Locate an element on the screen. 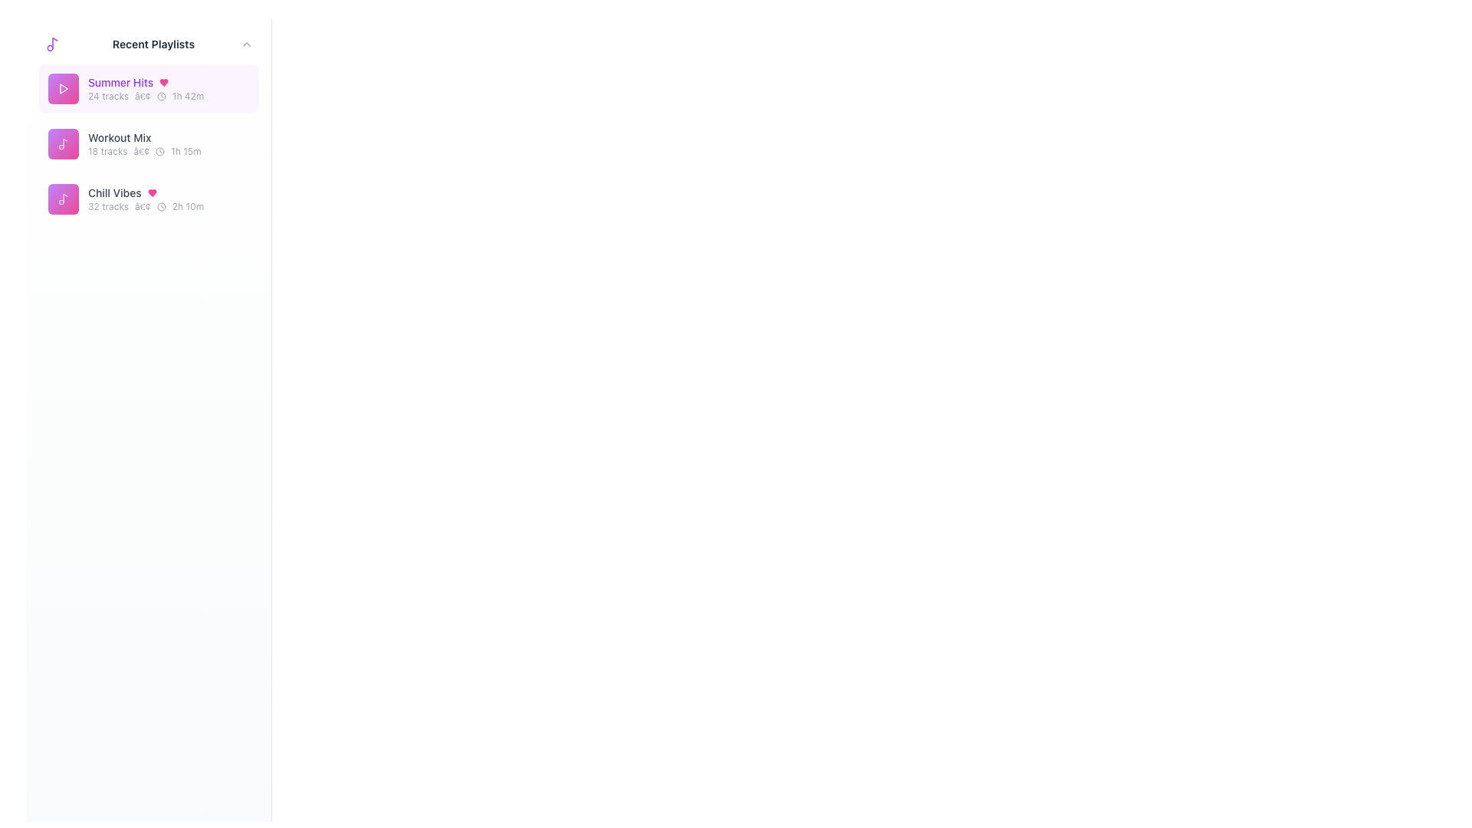 The width and height of the screenshot is (1472, 828). the play icon located within the gradient-shaded square of the 'Summer Hits' playlist, which transitions from purple to pink and is positioned centrally on the far left is located at coordinates (62, 88).